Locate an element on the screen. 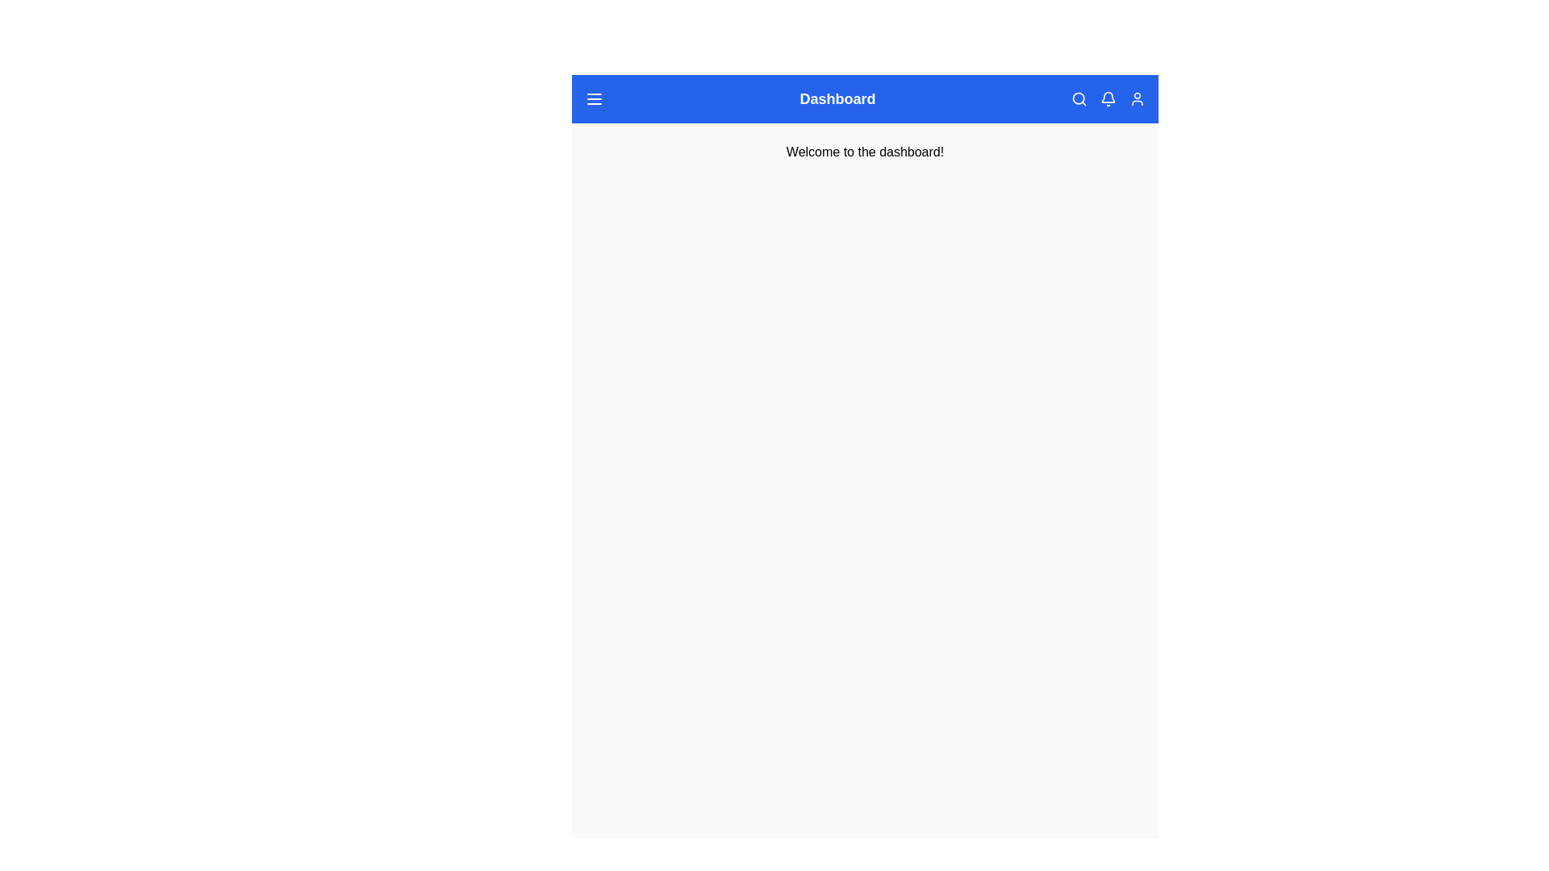 The image size is (1549, 871). the notification bell icon button is located at coordinates (1107, 99).